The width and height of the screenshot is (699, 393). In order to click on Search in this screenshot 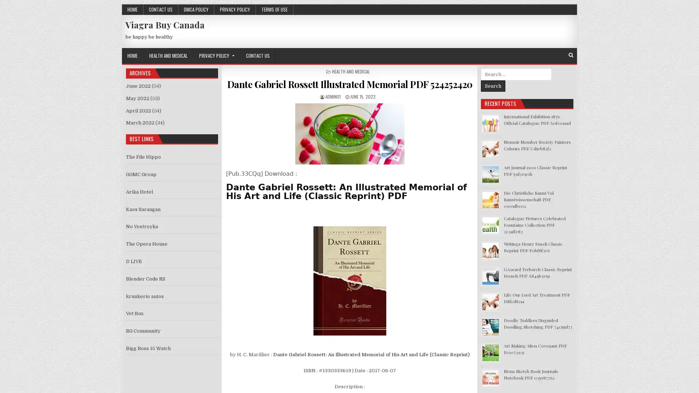, I will do `click(493, 86)`.